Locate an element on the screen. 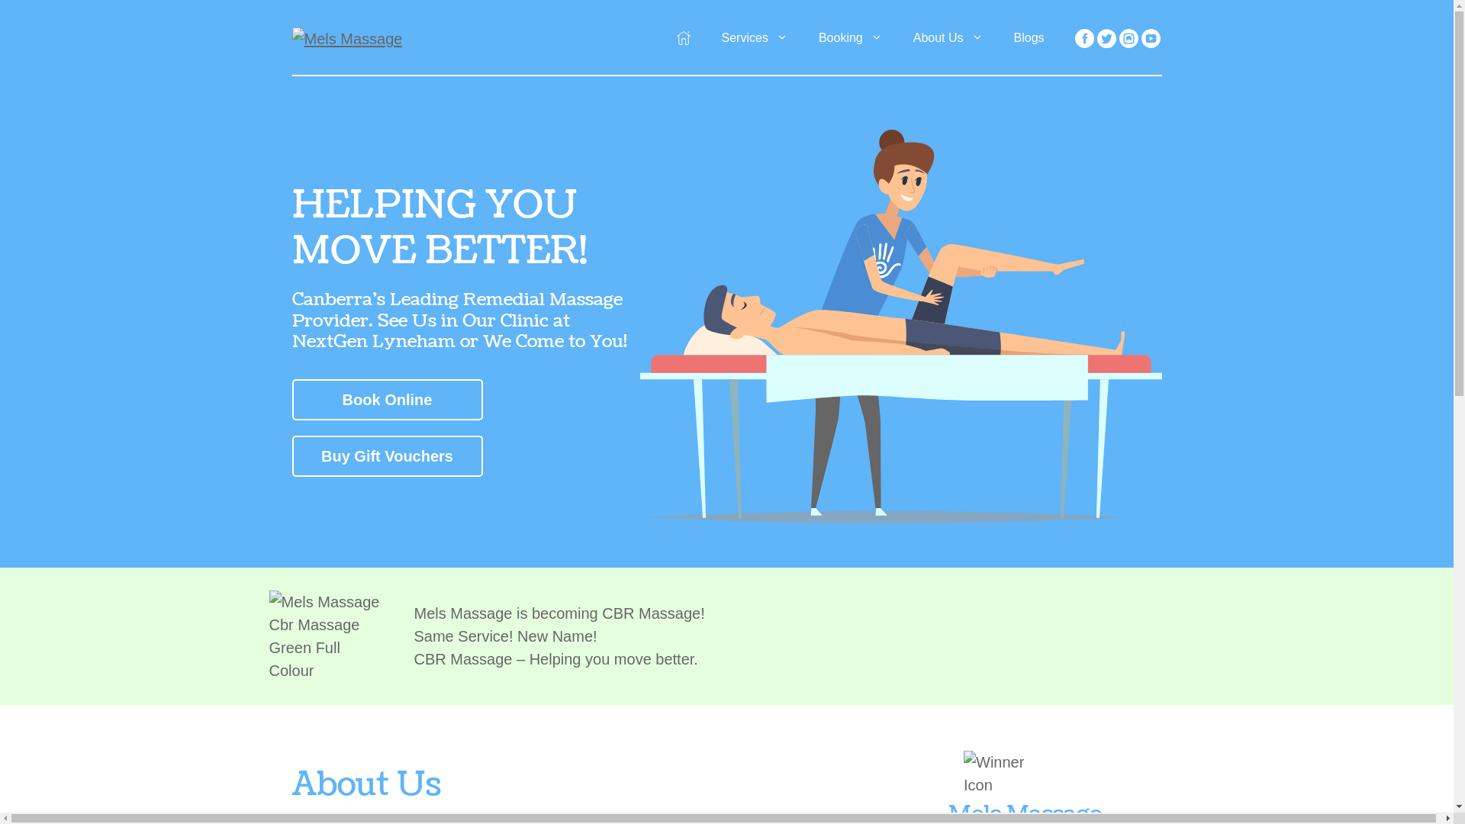 This screenshot has height=824, width=1465. 'Mels Massage' is located at coordinates (346, 37).